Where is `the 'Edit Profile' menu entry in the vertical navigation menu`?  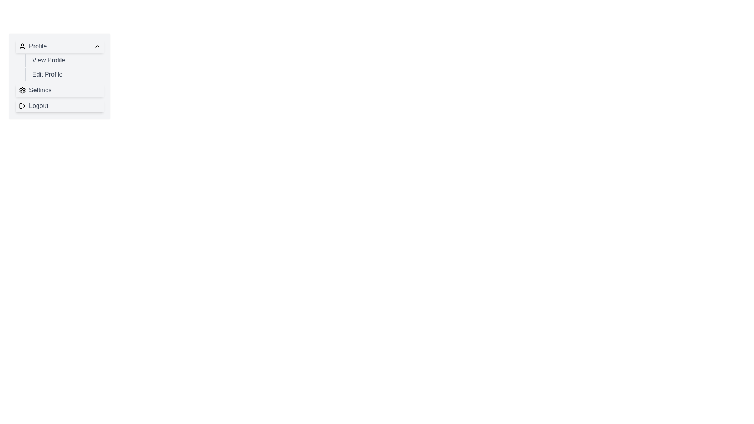 the 'Edit Profile' menu entry in the vertical navigation menu is located at coordinates (59, 76).